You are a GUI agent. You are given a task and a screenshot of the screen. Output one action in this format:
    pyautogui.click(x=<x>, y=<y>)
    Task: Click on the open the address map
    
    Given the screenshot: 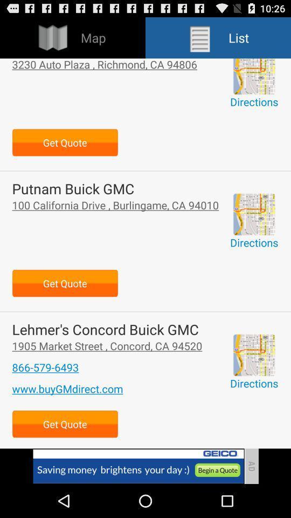 What is the action you would take?
    pyautogui.click(x=254, y=76)
    